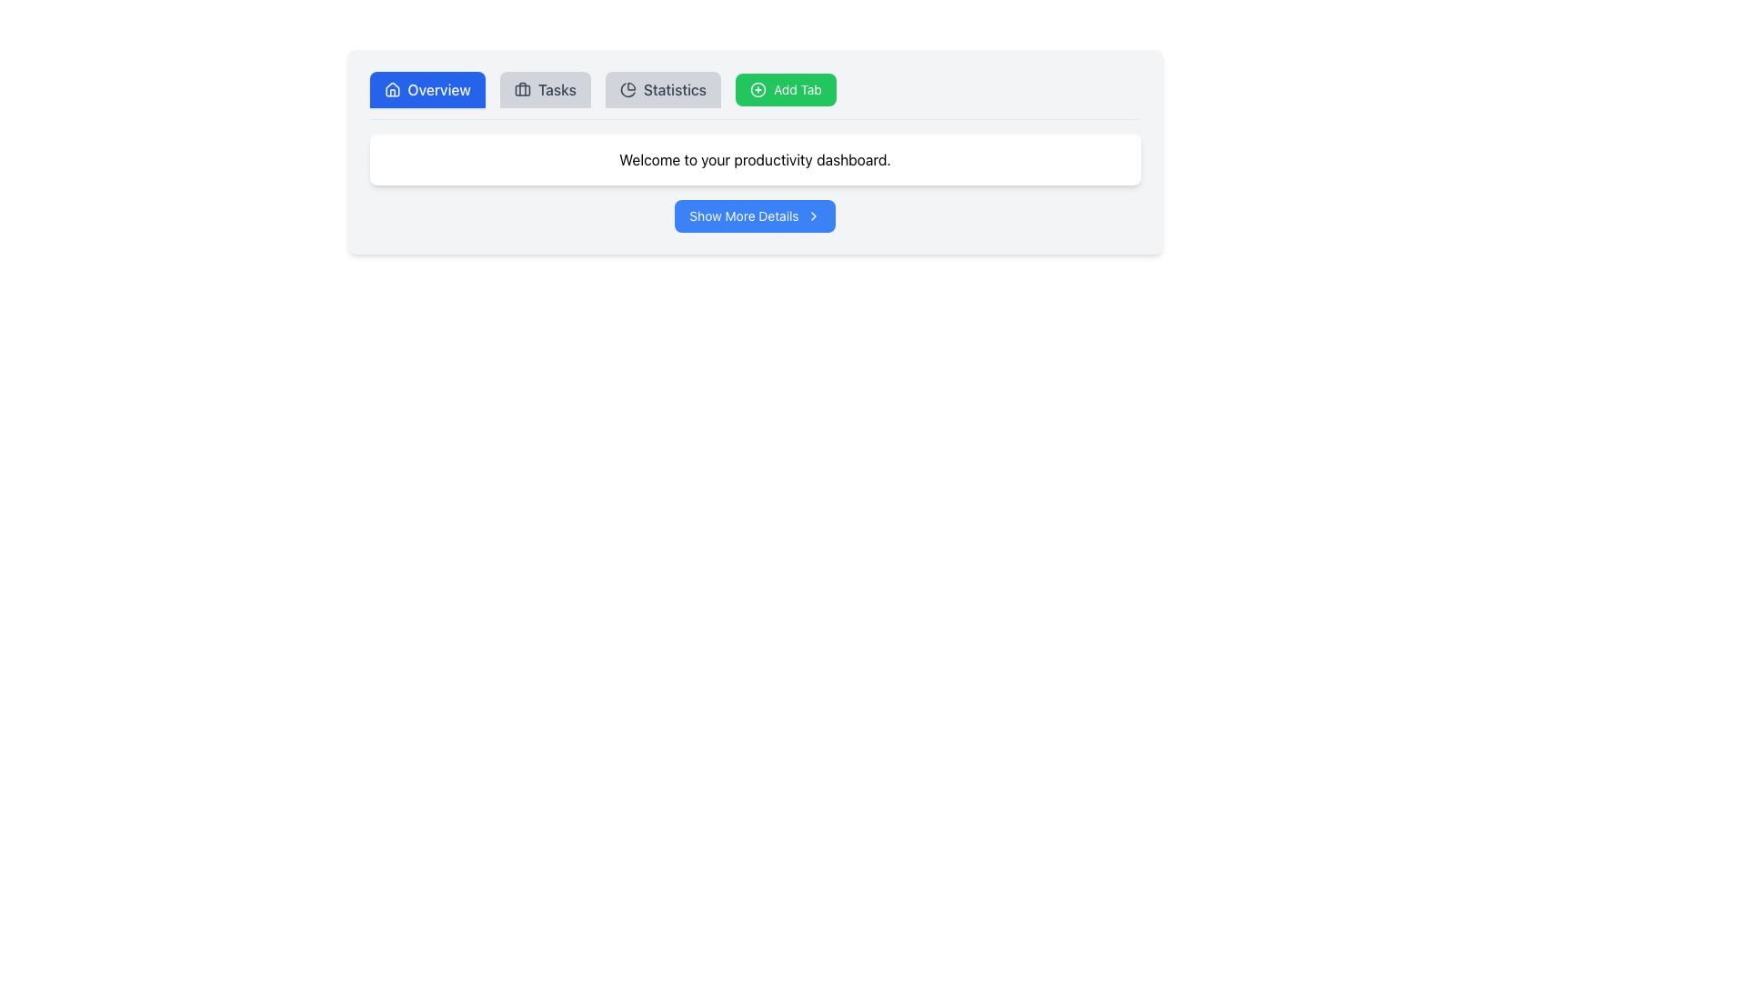 The width and height of the screenshot is (1746, 982). What do you see at coordinates (755, 215) in the screenshot?
I see `the blue button labeled 'Show More Details' with a white text and a chevron icon, located at the bottom of the panel under the welcome message` at bounding box center [755, 215].